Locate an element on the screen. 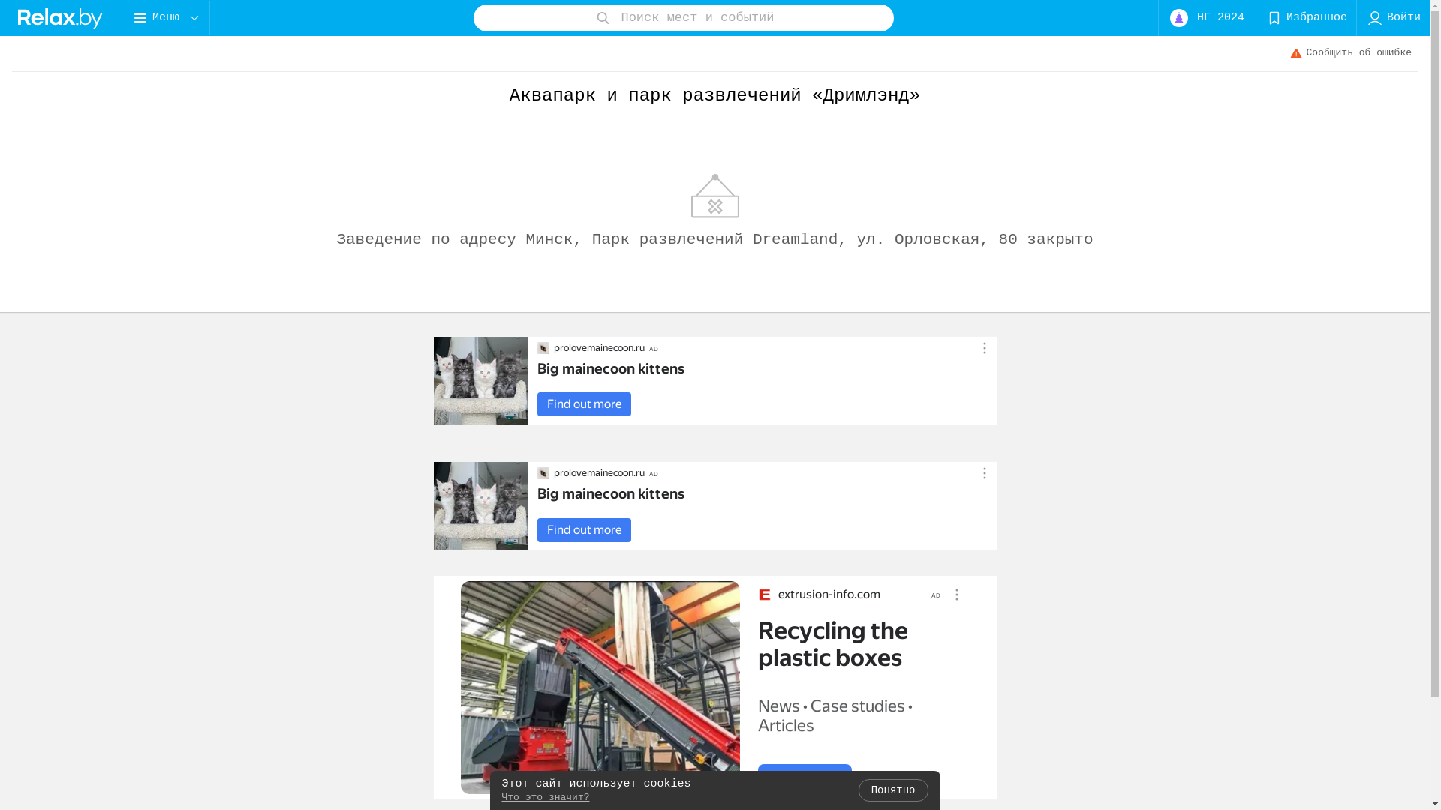  'logo' is located at coordinates (18, 17).